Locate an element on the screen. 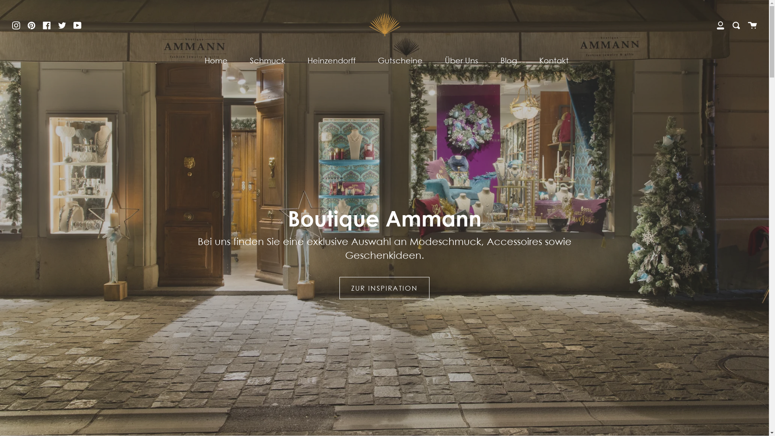 This screenshot has height=436, width=775. 'Blog' is located at coordinates (497, 60).